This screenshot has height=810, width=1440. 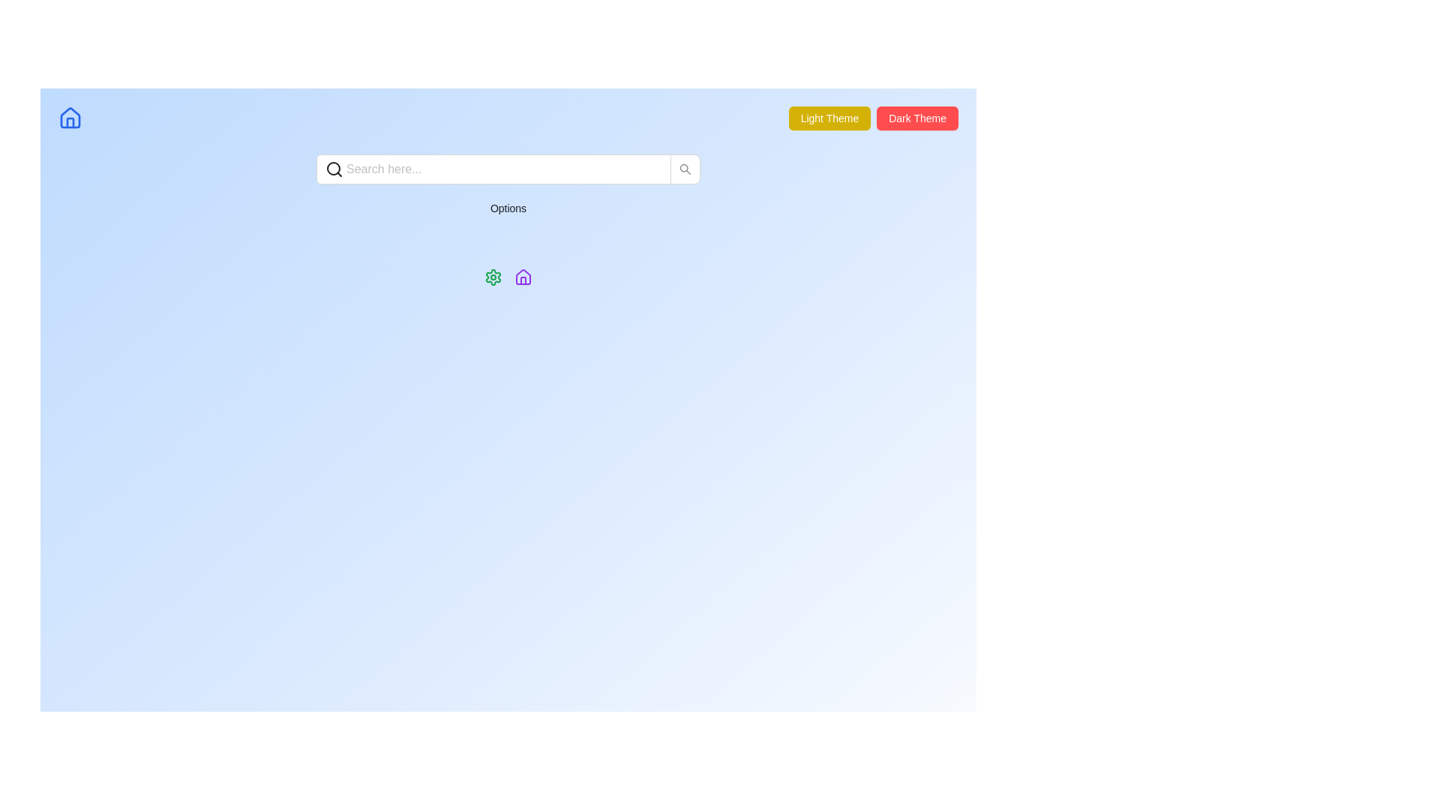 I want to click on the search button positioned to the right of the search input field to initiate a search operation, so click(x=684, y=169).